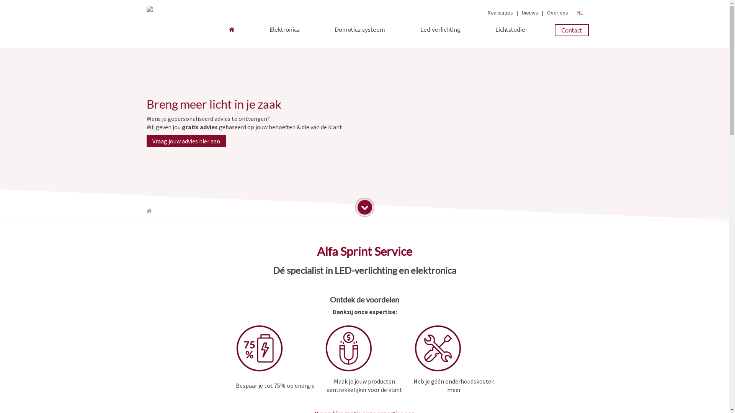 Image resolution: width=735 pixels, height=413 pixels. What do you see at coordinates (579, 13) in the screenshot?
I see `'Nederlands'` at bounding box center [579, 13].